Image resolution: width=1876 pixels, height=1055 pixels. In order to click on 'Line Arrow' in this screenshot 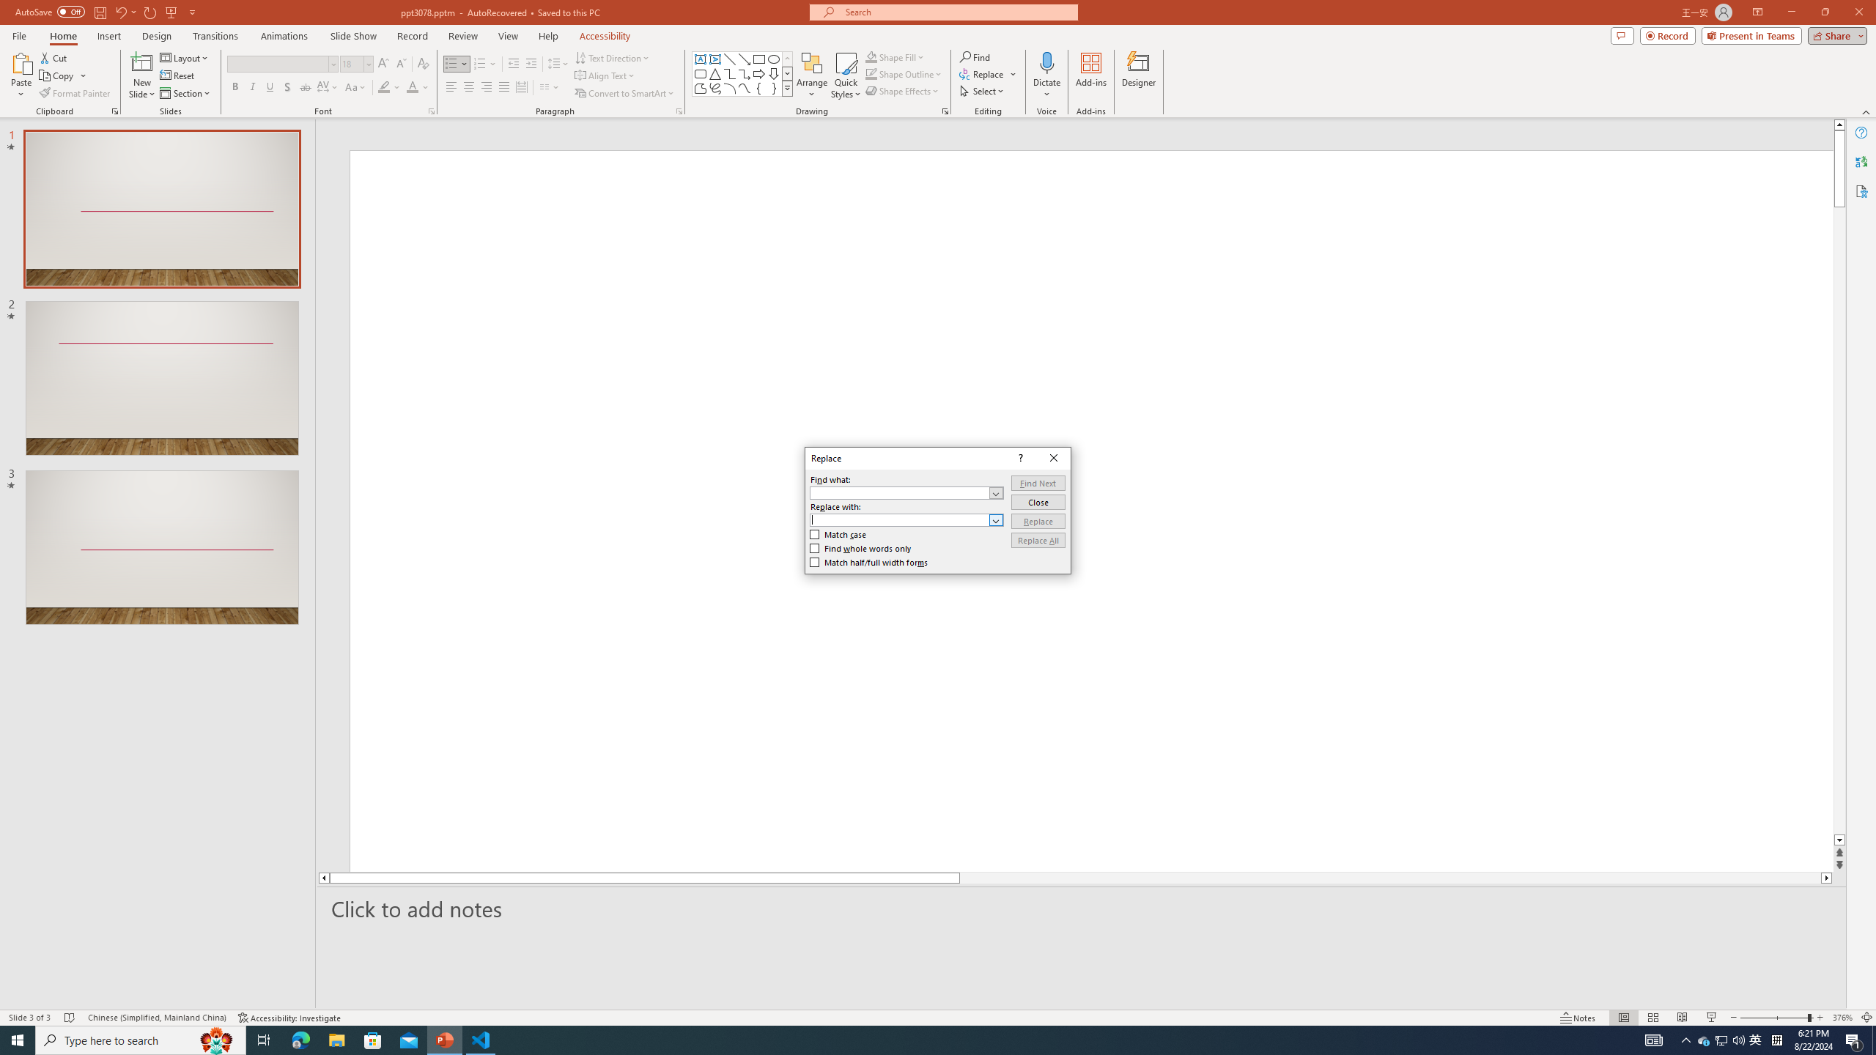, I will do `click(744, 59)`.